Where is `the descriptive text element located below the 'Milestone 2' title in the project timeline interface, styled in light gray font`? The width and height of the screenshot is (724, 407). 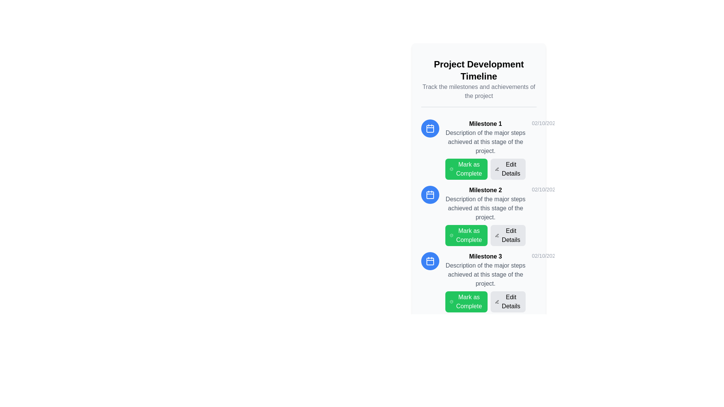 the descriptive text element located below the 'Milestone 2' title in the project timeline interface, styled in light gray font is located at coordinates (485, 208).